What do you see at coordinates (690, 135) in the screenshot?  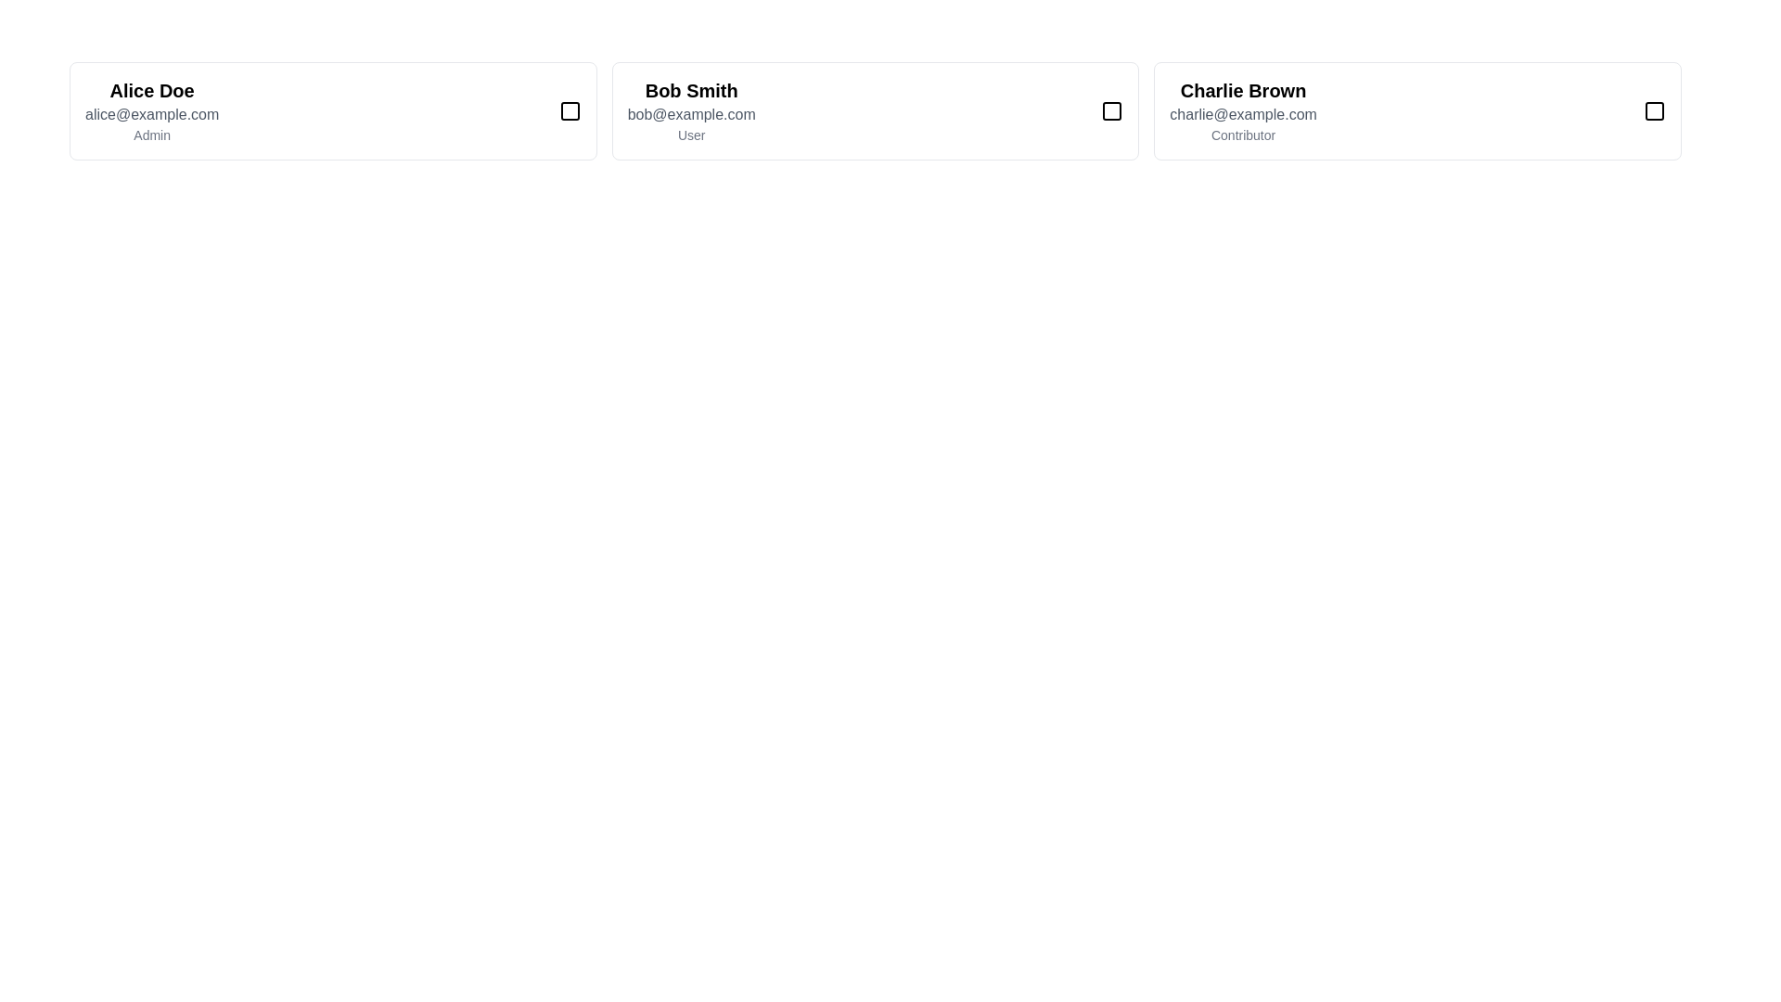 I see `the label that describes the user 'Bob Smith', located at the bottom of the profile card, after the email address and other texts` at bounding box center [690, 135].